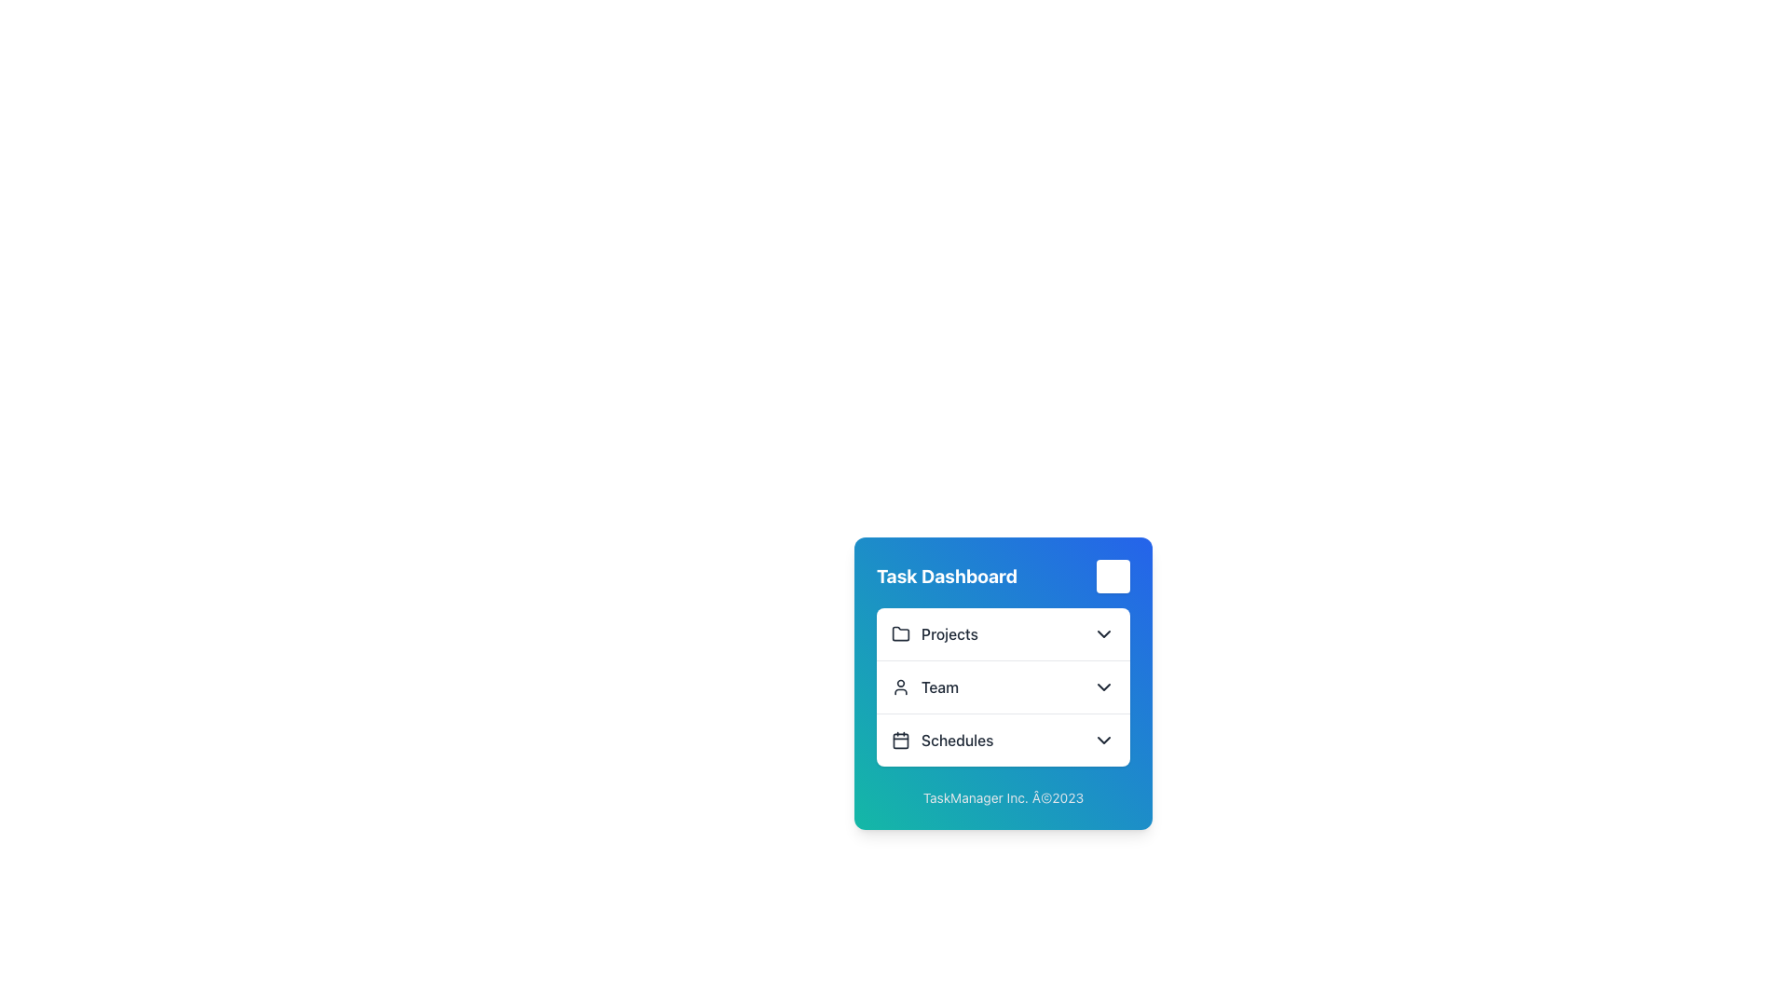 Image resolution: width=1789 pixels, height=1006 pixels. What do you see at coordinates (942, 739) in the screenshot?
I see `the third list item with an icon and text in the 'Task Dashboard'` at bounding box center [942, 739].